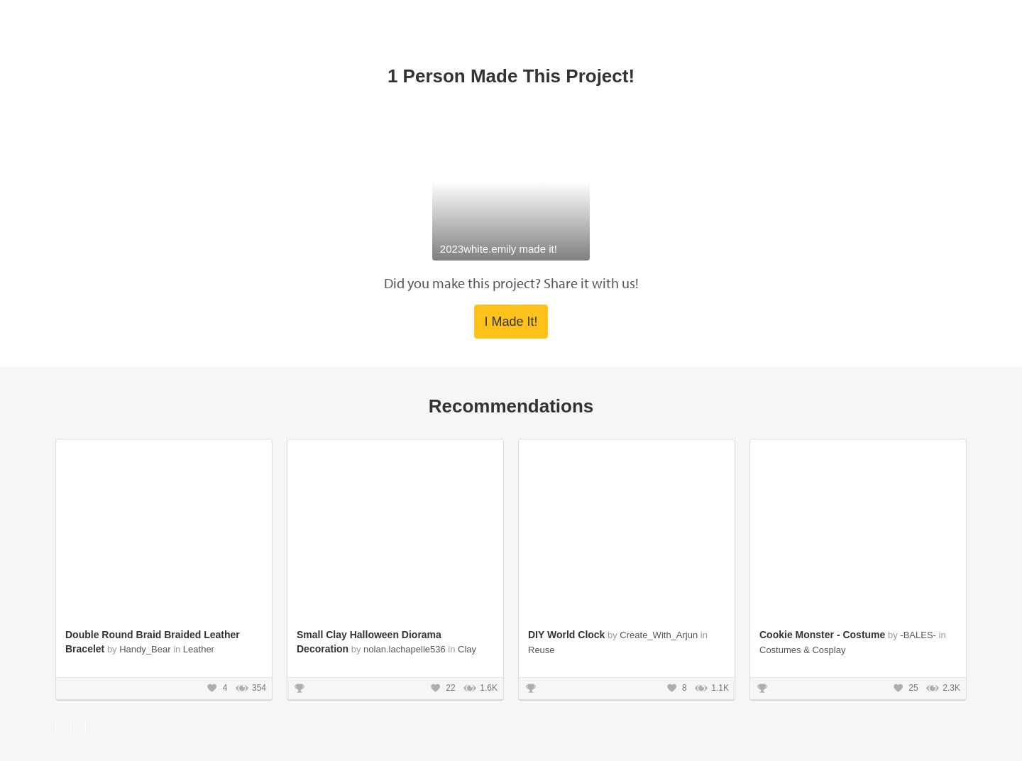  Describe the element at coordinates (801, 322) in the screenshot. I see `'Costumes & Cosplay'` at that location.